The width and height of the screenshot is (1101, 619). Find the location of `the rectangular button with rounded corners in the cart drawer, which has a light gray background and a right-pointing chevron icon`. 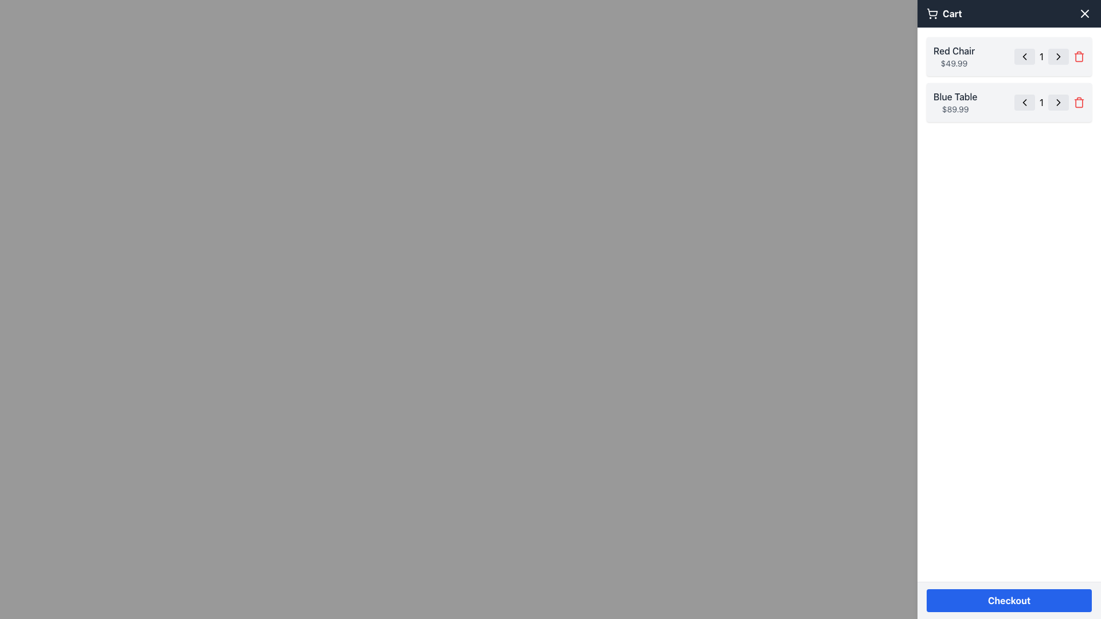

the rectangular button with rounded corners in the cart drawer, which has a light gray background and a right-pointing chevron icon is located at coordinates (1058, 57).